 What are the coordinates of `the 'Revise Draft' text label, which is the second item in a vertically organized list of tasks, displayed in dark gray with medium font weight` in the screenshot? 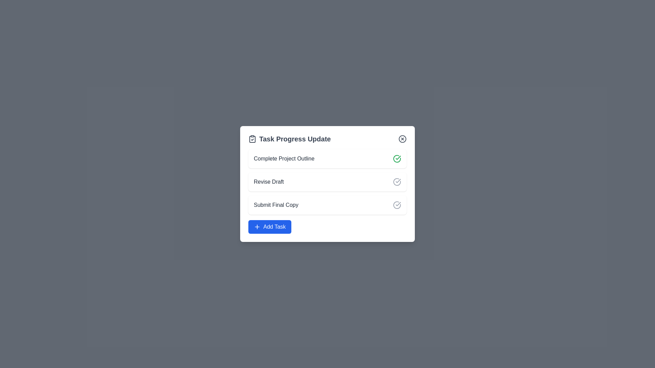 It's located at (268, 181).